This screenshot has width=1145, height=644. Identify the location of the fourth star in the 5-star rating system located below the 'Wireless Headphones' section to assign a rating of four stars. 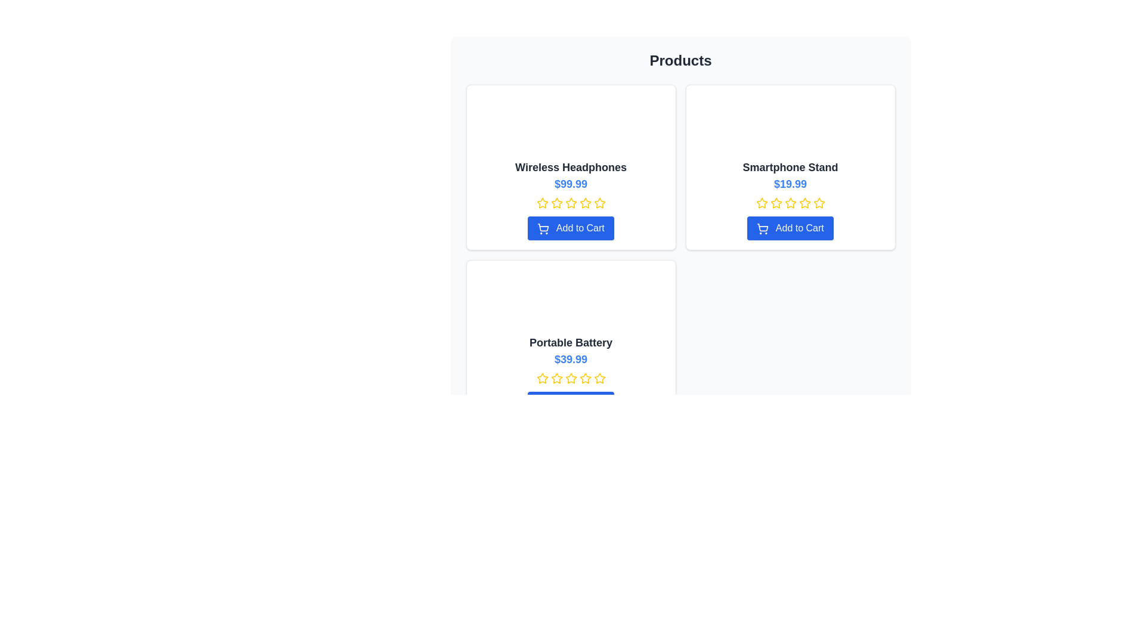
(585, 202).